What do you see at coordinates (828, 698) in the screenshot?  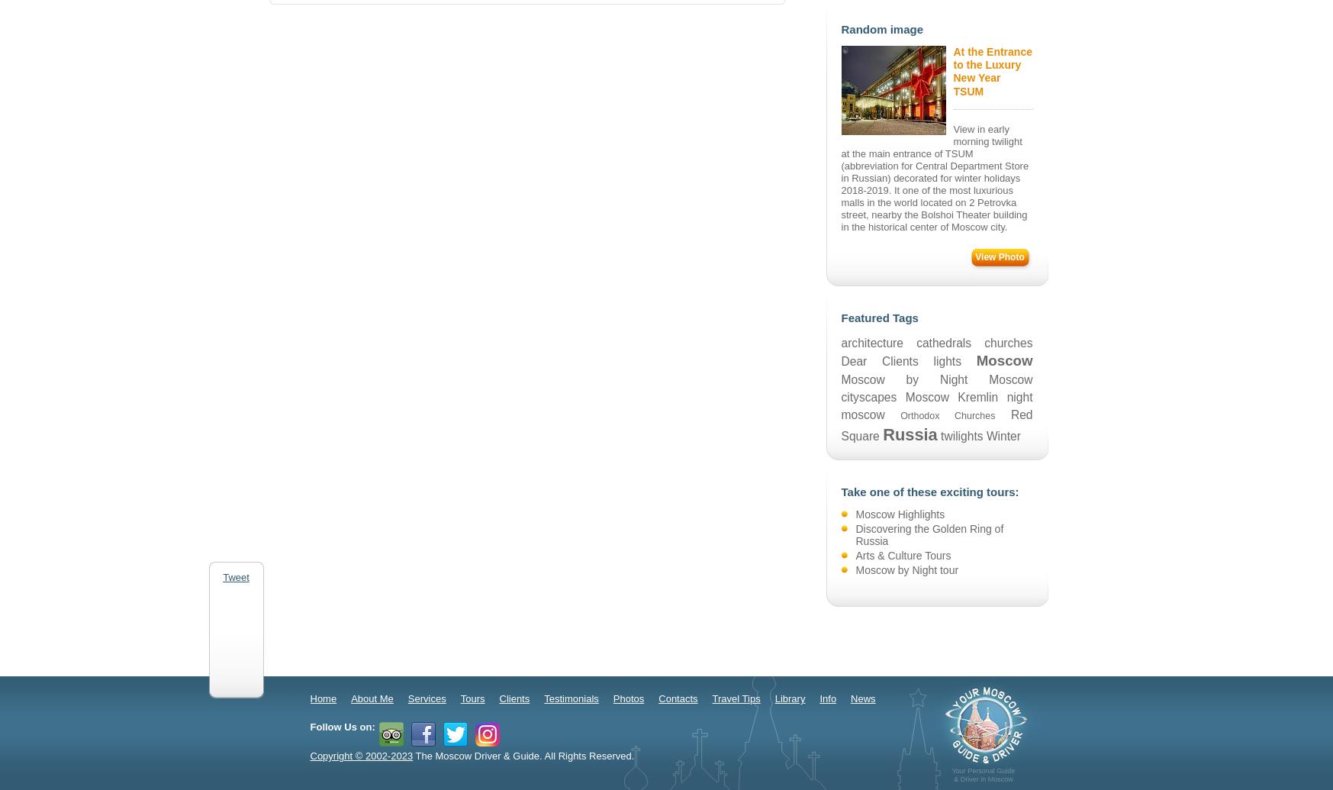 I see `'Info'` at bounding box center [828, 698].